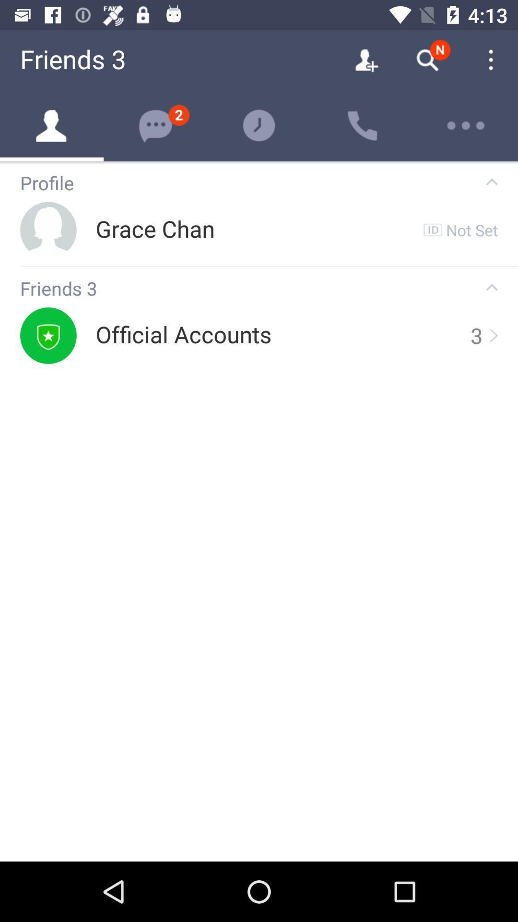  I want to click on the search bar icon along the letter n, so click(427, 60).